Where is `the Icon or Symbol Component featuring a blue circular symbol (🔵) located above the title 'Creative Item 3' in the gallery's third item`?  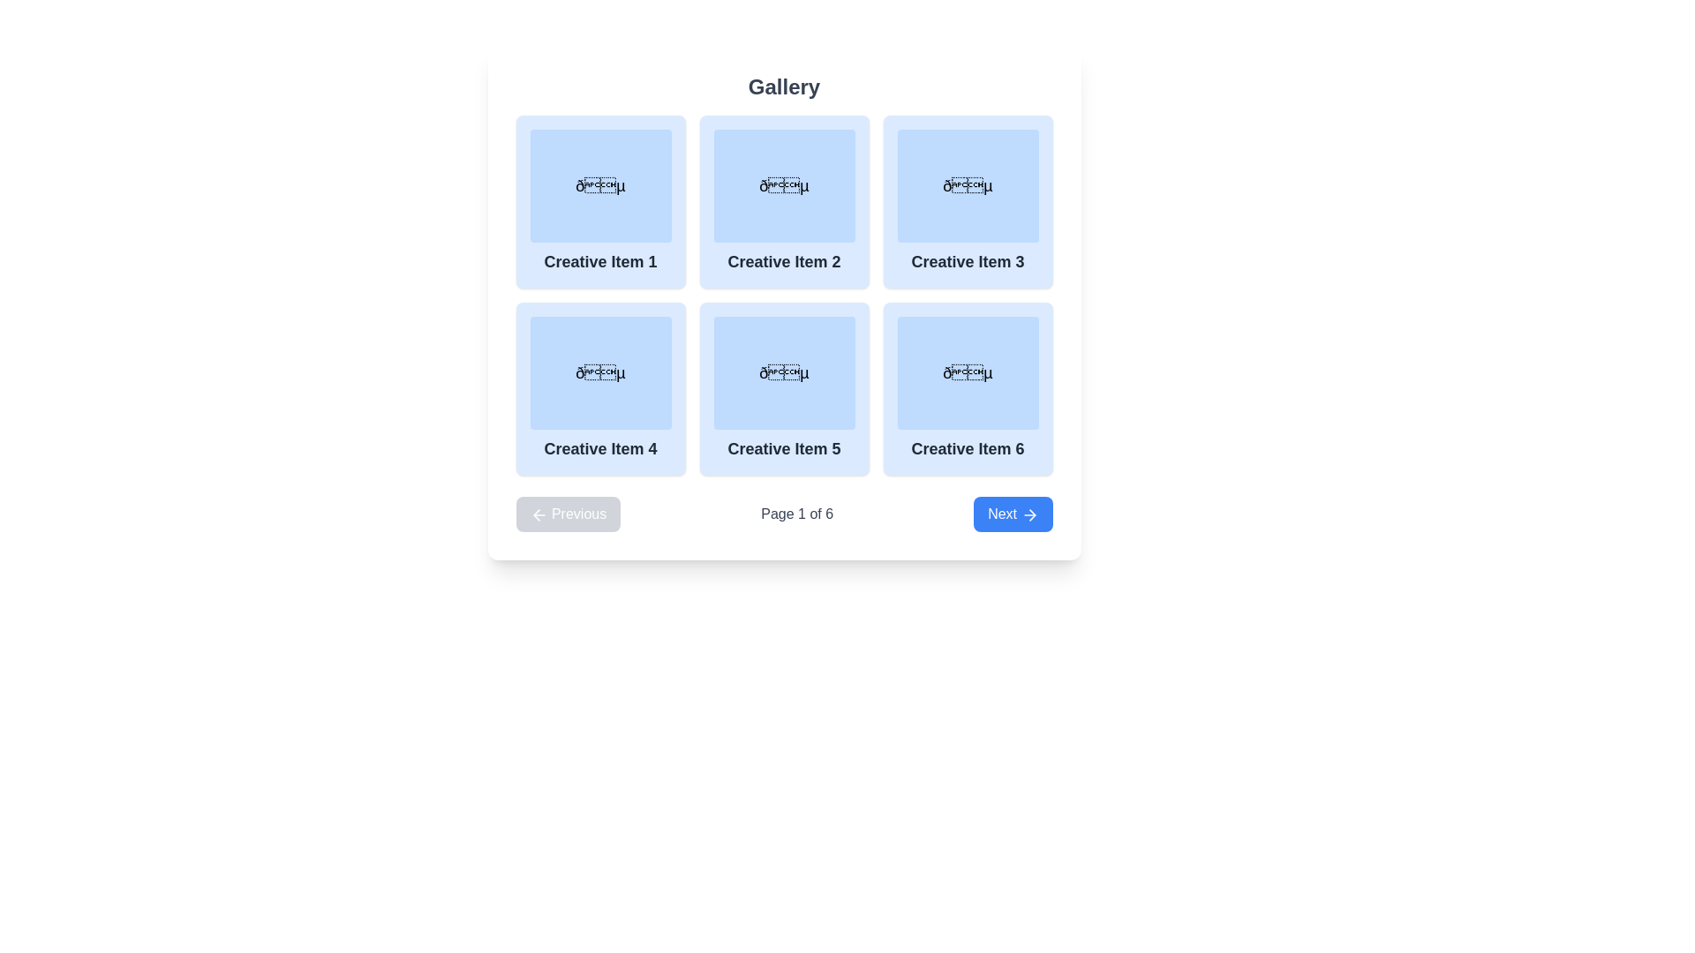 the Icon or Symbol Component featuring a blue circular symbol (🔵) located above the title 'Creative Item 3' in the gallery's third item is located at coordinates (967, 186).